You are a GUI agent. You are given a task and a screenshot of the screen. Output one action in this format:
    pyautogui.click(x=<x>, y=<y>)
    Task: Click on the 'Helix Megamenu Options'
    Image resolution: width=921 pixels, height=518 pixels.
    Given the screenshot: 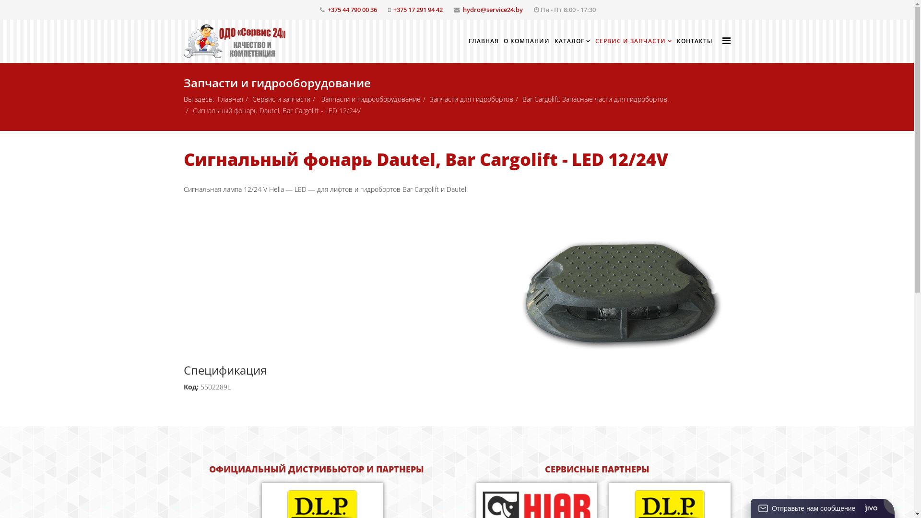 What is the action you would take?
    pyautogui.click(x=726, y=40)
    